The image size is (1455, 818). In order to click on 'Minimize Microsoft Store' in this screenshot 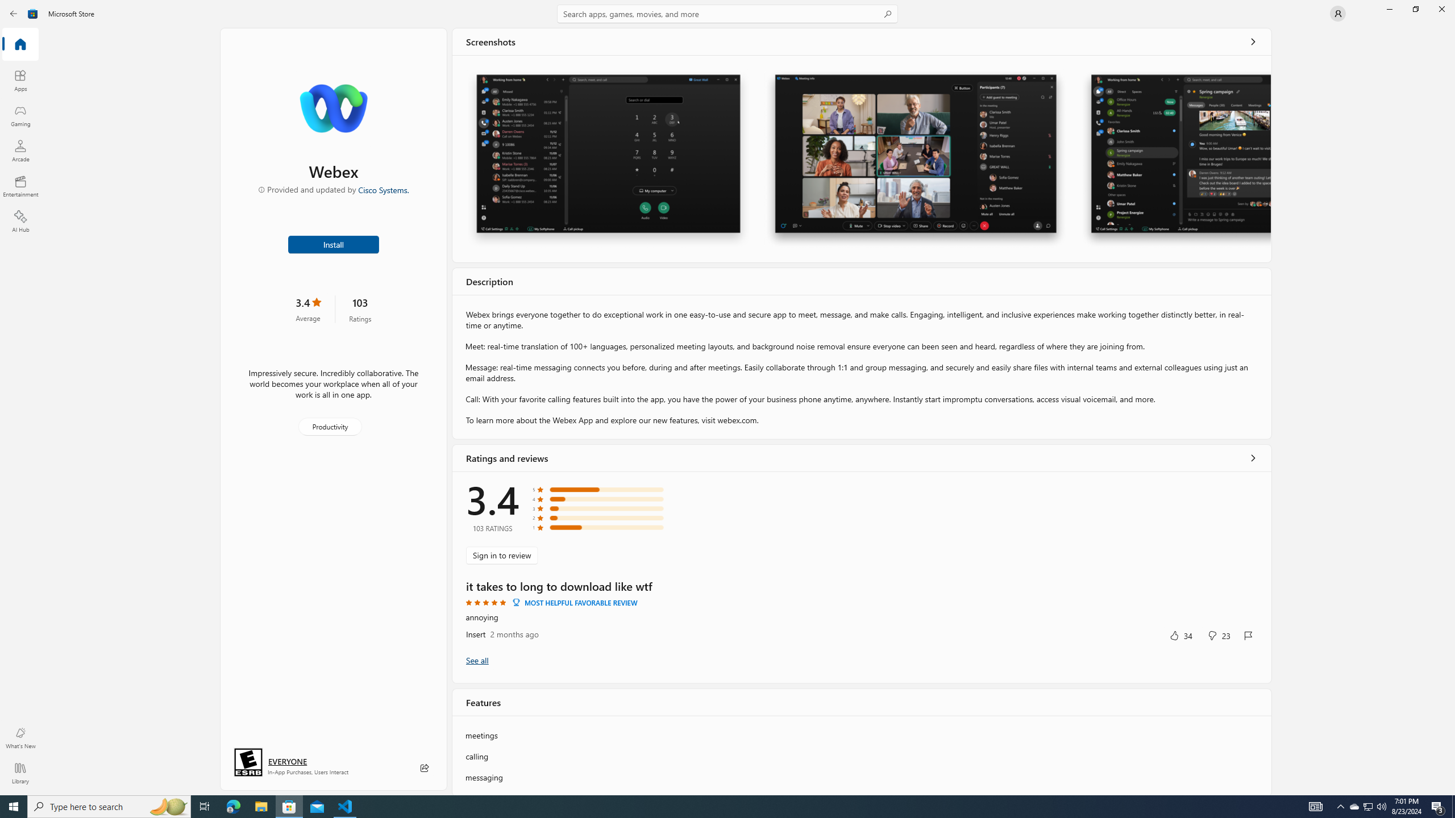, I will do `click(1389, 9)`.